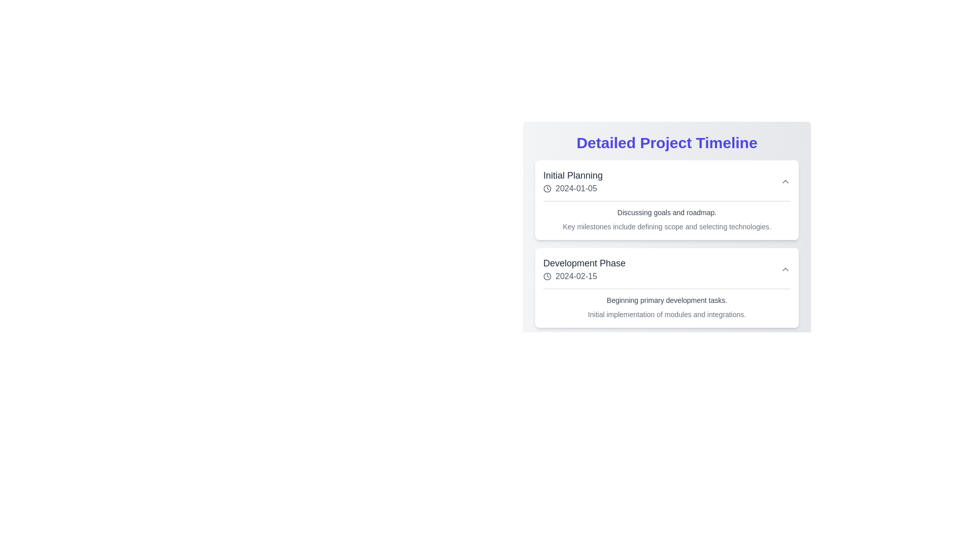  What do you see at coordinates (584, 263) in the screenshot?
I see `the 'Development Phase' text label, which identifies the phase of the development process in the timeline entry layout` at bounding box center [584, 263].